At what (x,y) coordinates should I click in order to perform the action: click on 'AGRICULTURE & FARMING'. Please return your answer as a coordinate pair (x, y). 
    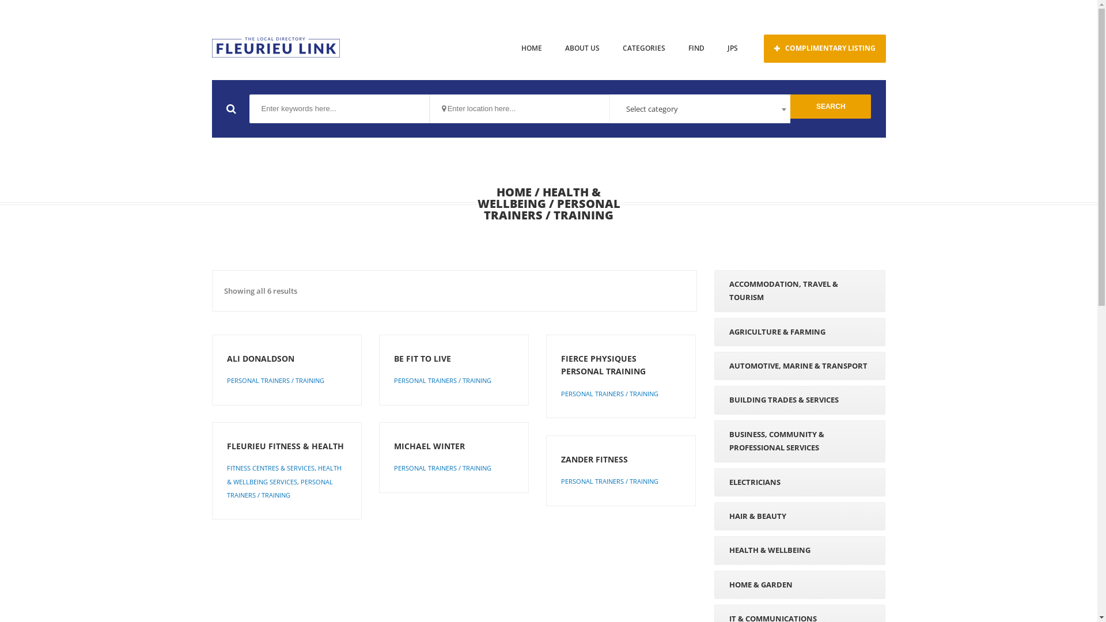
    Looking at the image, I should click on (799, 332).